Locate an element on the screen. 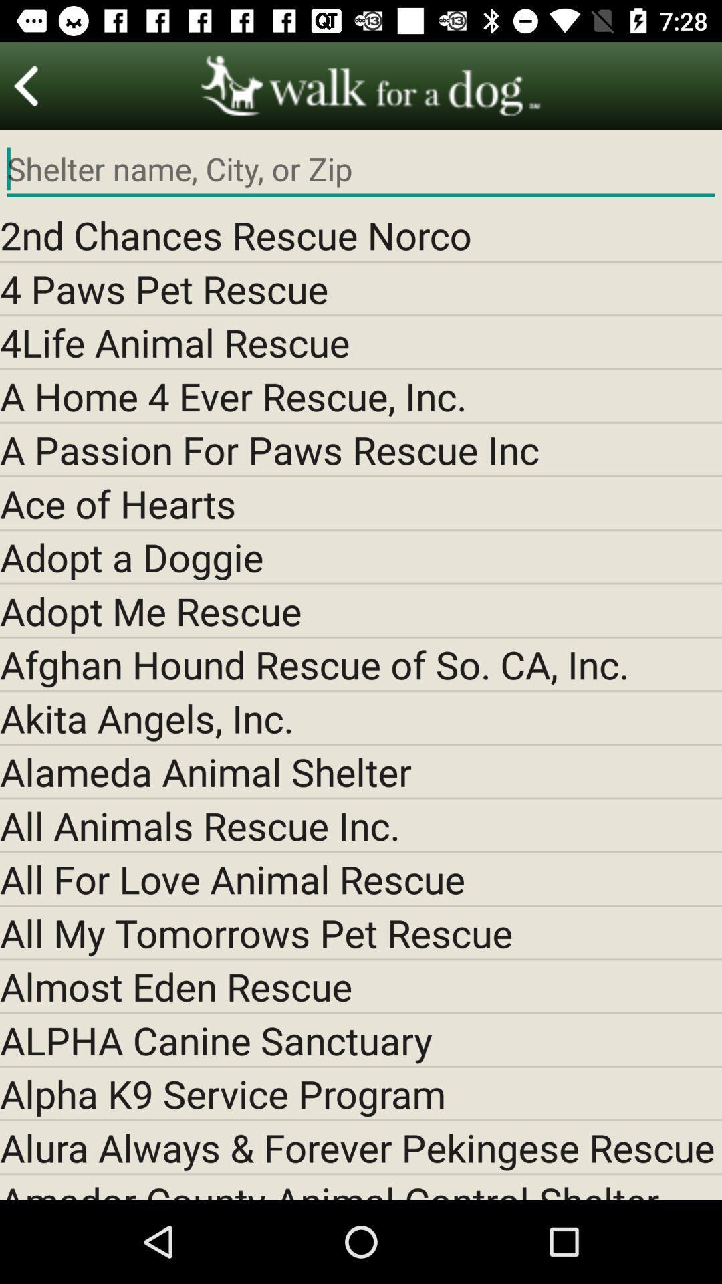  for preview is located at coordinates (26, 85).